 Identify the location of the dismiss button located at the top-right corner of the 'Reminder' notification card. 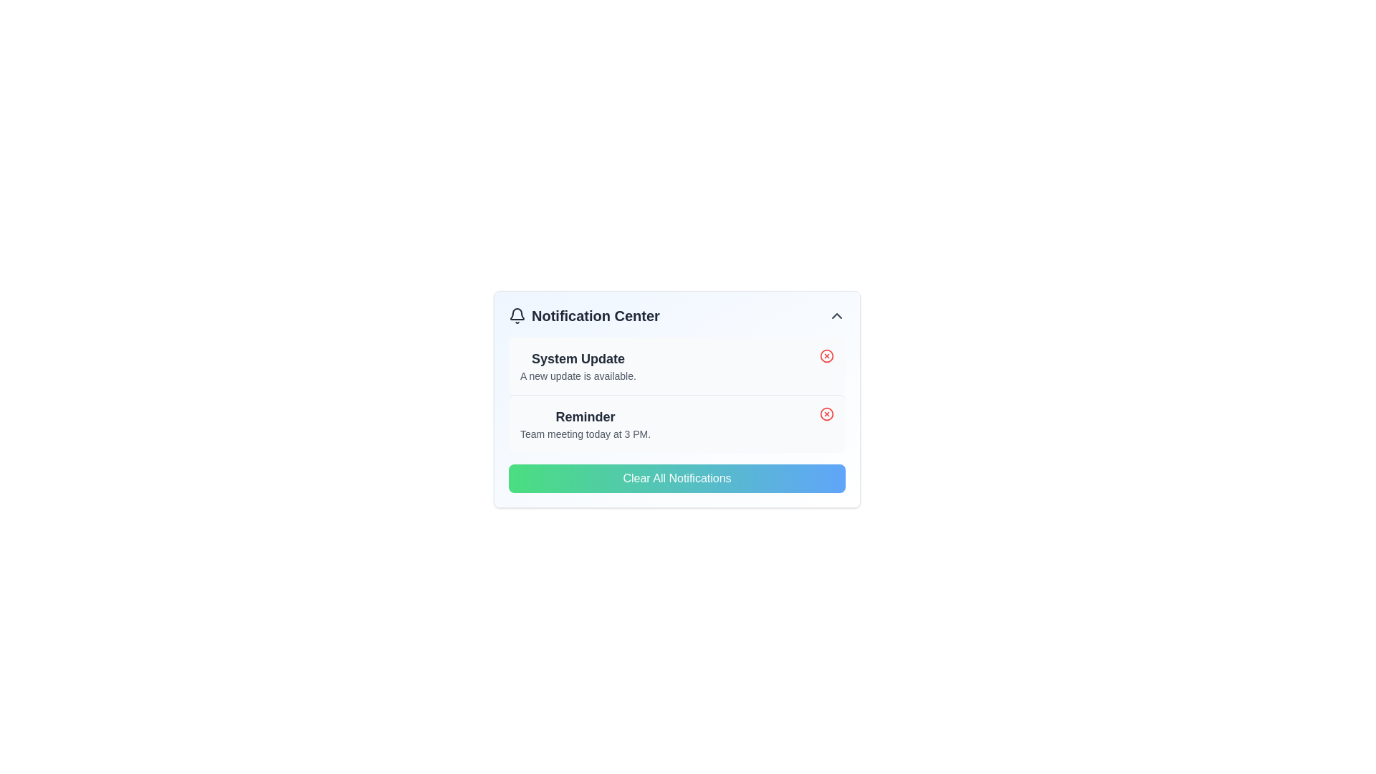
(826, 414).